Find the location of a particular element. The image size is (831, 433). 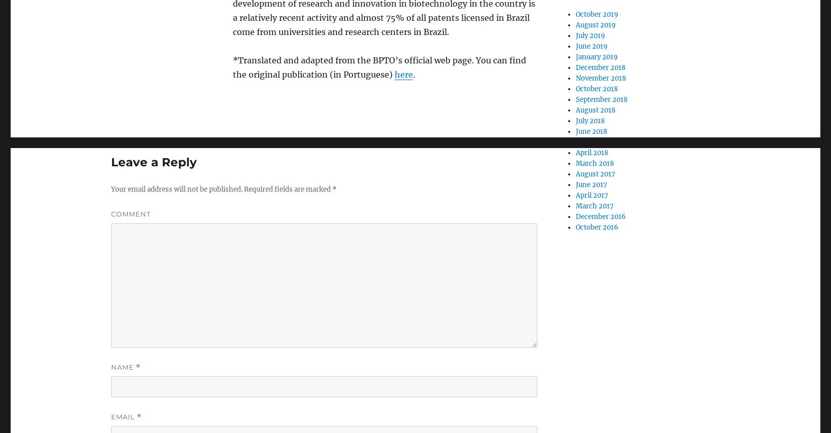

'Name' is located at coordinates (123, 367).